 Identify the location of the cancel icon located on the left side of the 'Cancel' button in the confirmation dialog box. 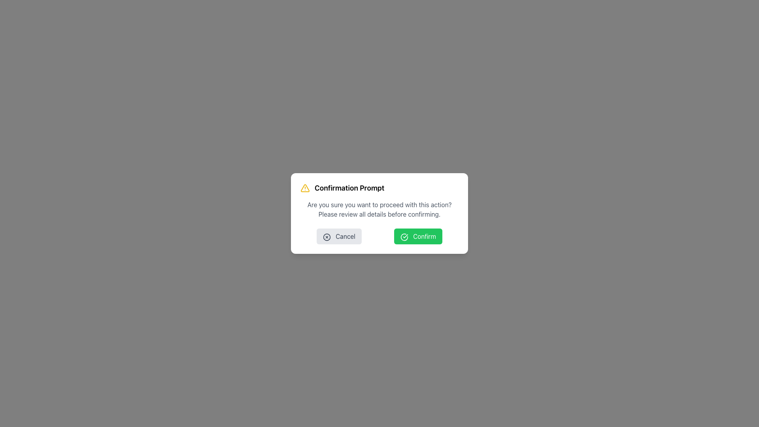
(327, 236).